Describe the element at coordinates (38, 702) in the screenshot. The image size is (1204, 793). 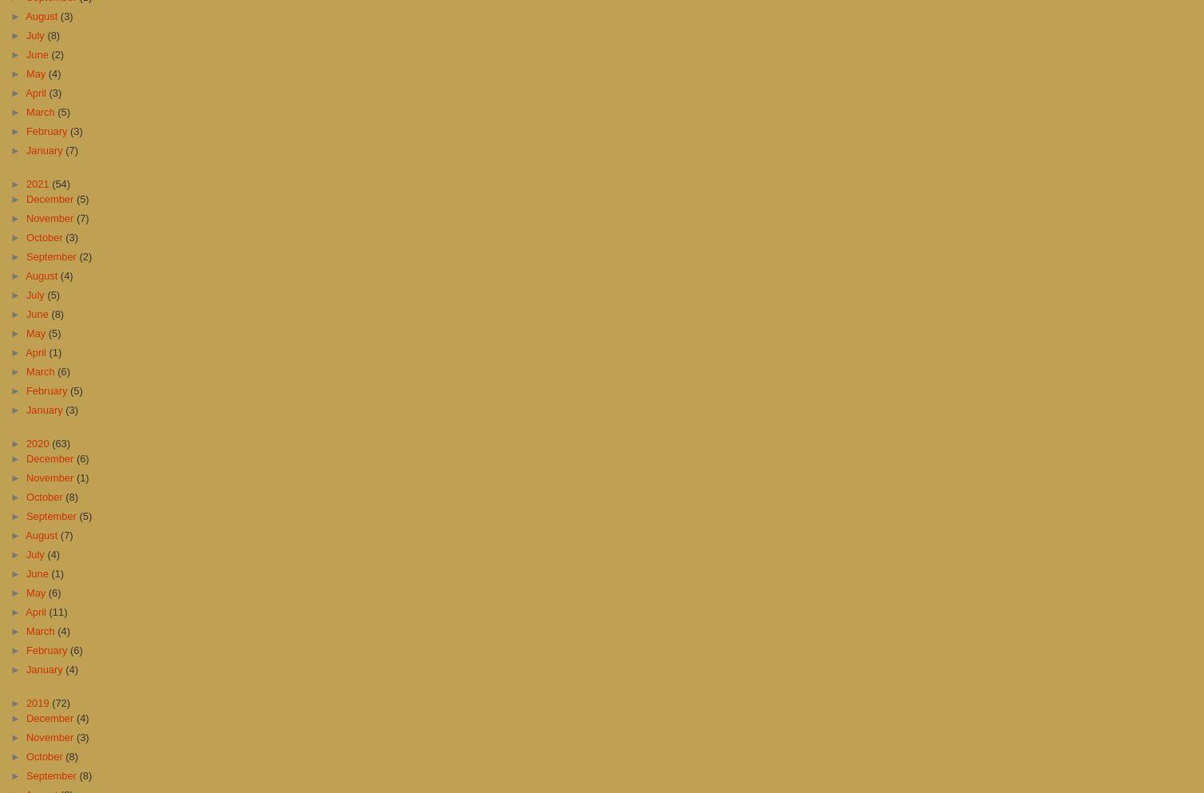
I see `'2019'` at that location.